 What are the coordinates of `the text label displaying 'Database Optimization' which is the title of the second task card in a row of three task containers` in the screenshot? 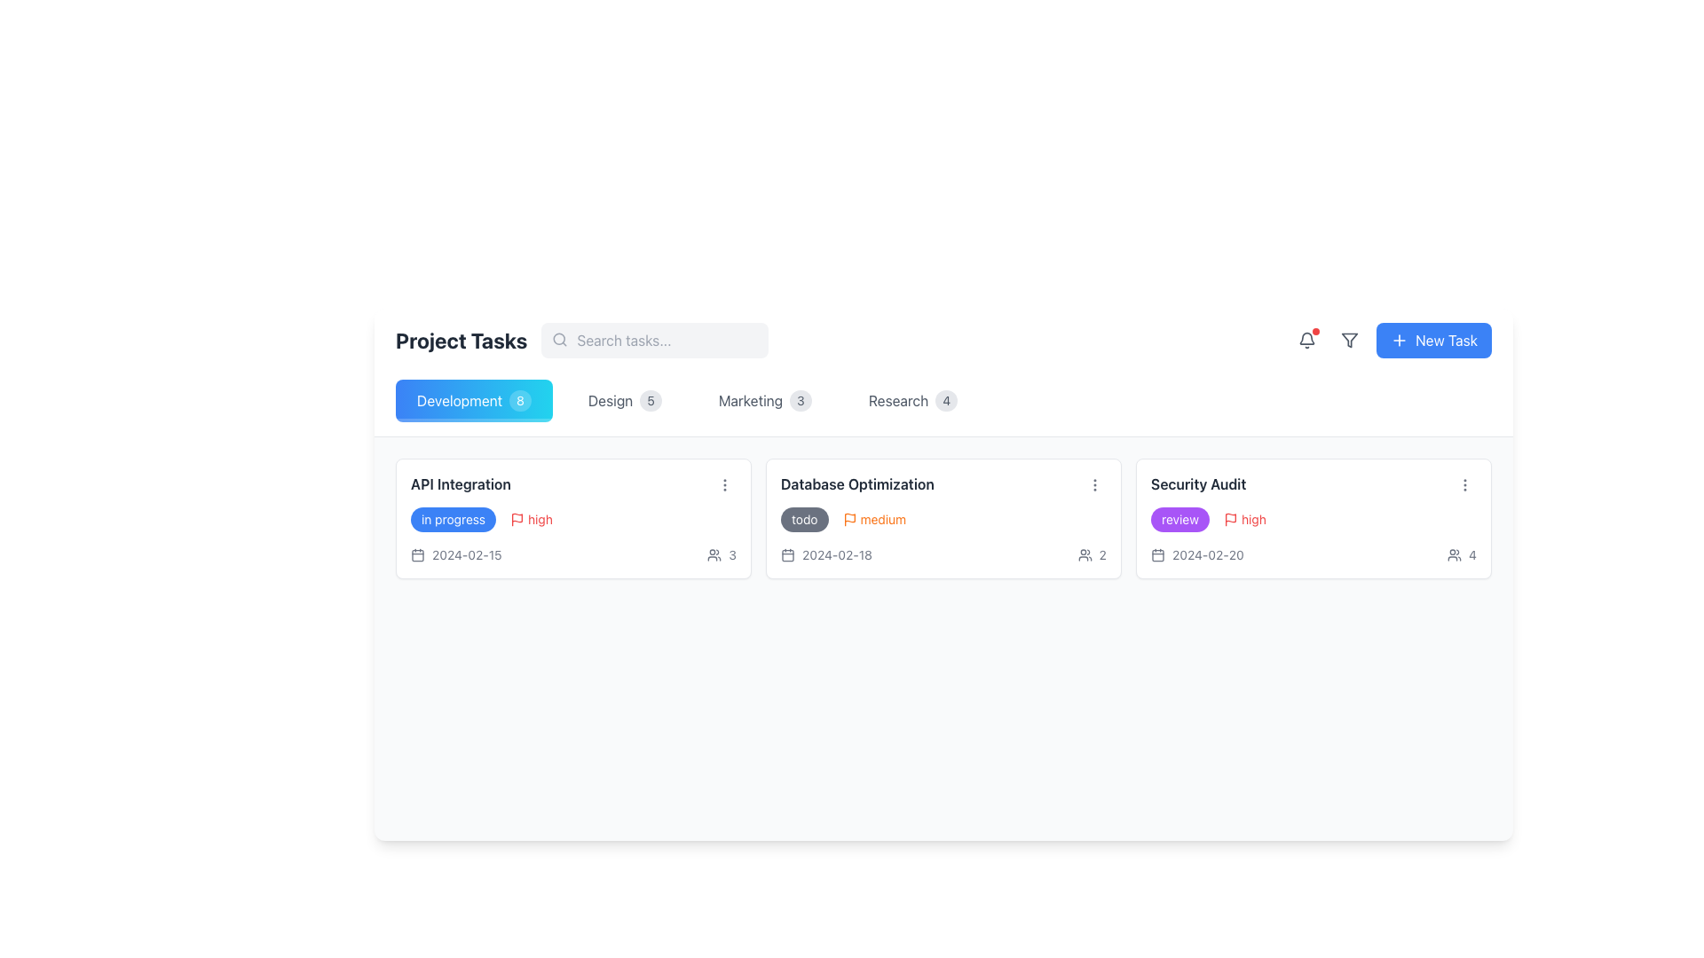 It's located at (857, 484).